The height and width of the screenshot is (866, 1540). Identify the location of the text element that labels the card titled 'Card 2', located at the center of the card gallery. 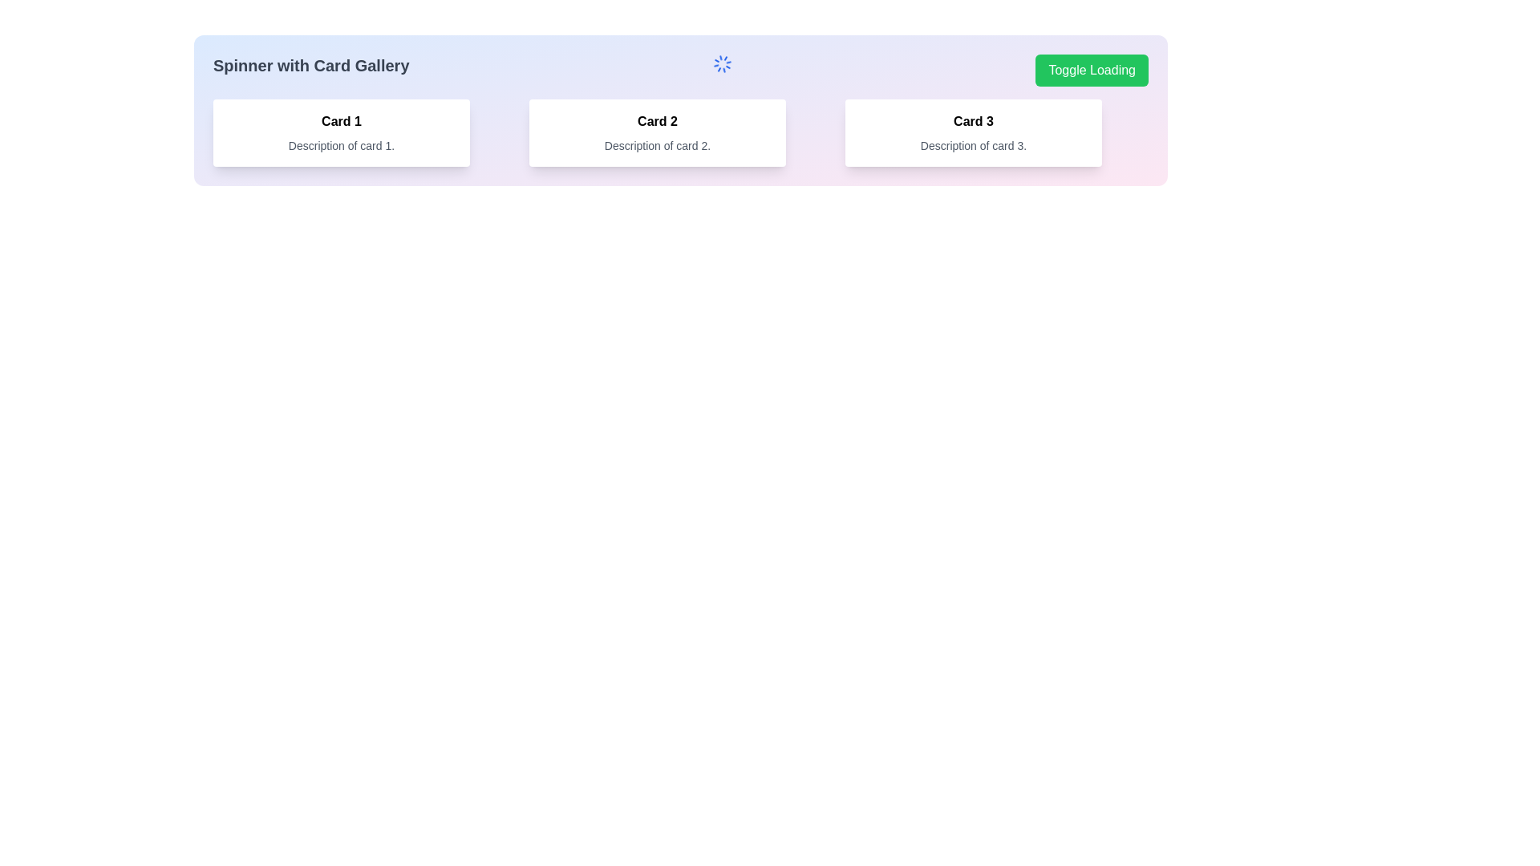
(658, 120).